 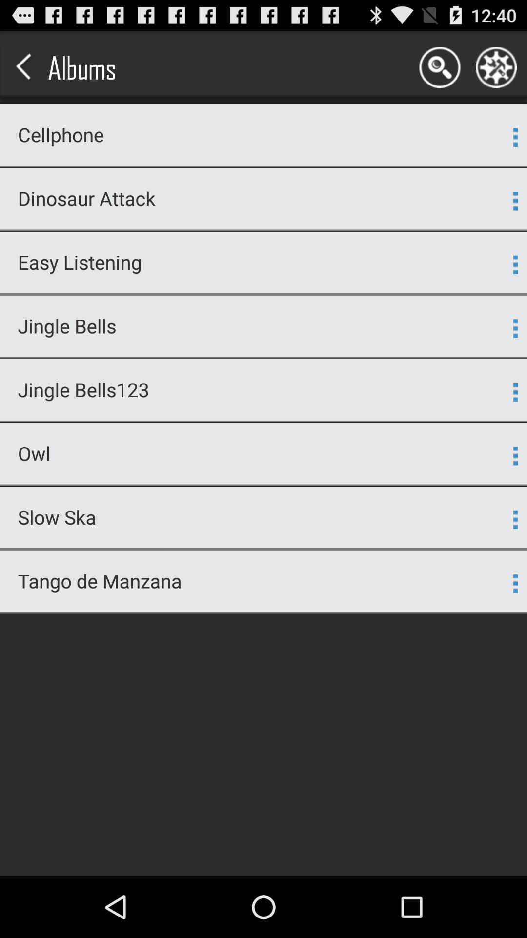 What do you see at coordinates (515, 200) in the screenshot?
I see `app next to dinosaur attack app` at bounding box center [515, 200].